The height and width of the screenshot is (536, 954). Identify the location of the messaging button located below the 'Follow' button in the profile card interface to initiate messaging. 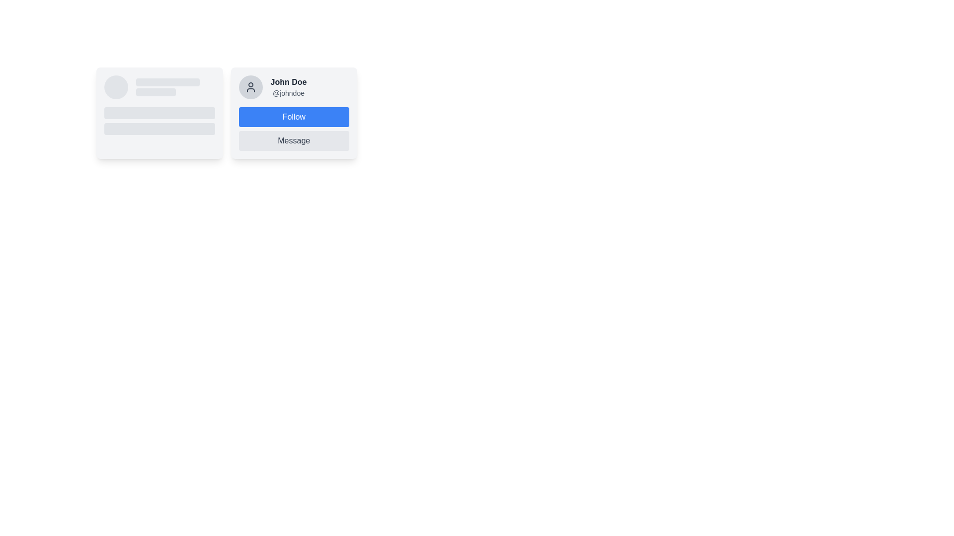
(293, 141).